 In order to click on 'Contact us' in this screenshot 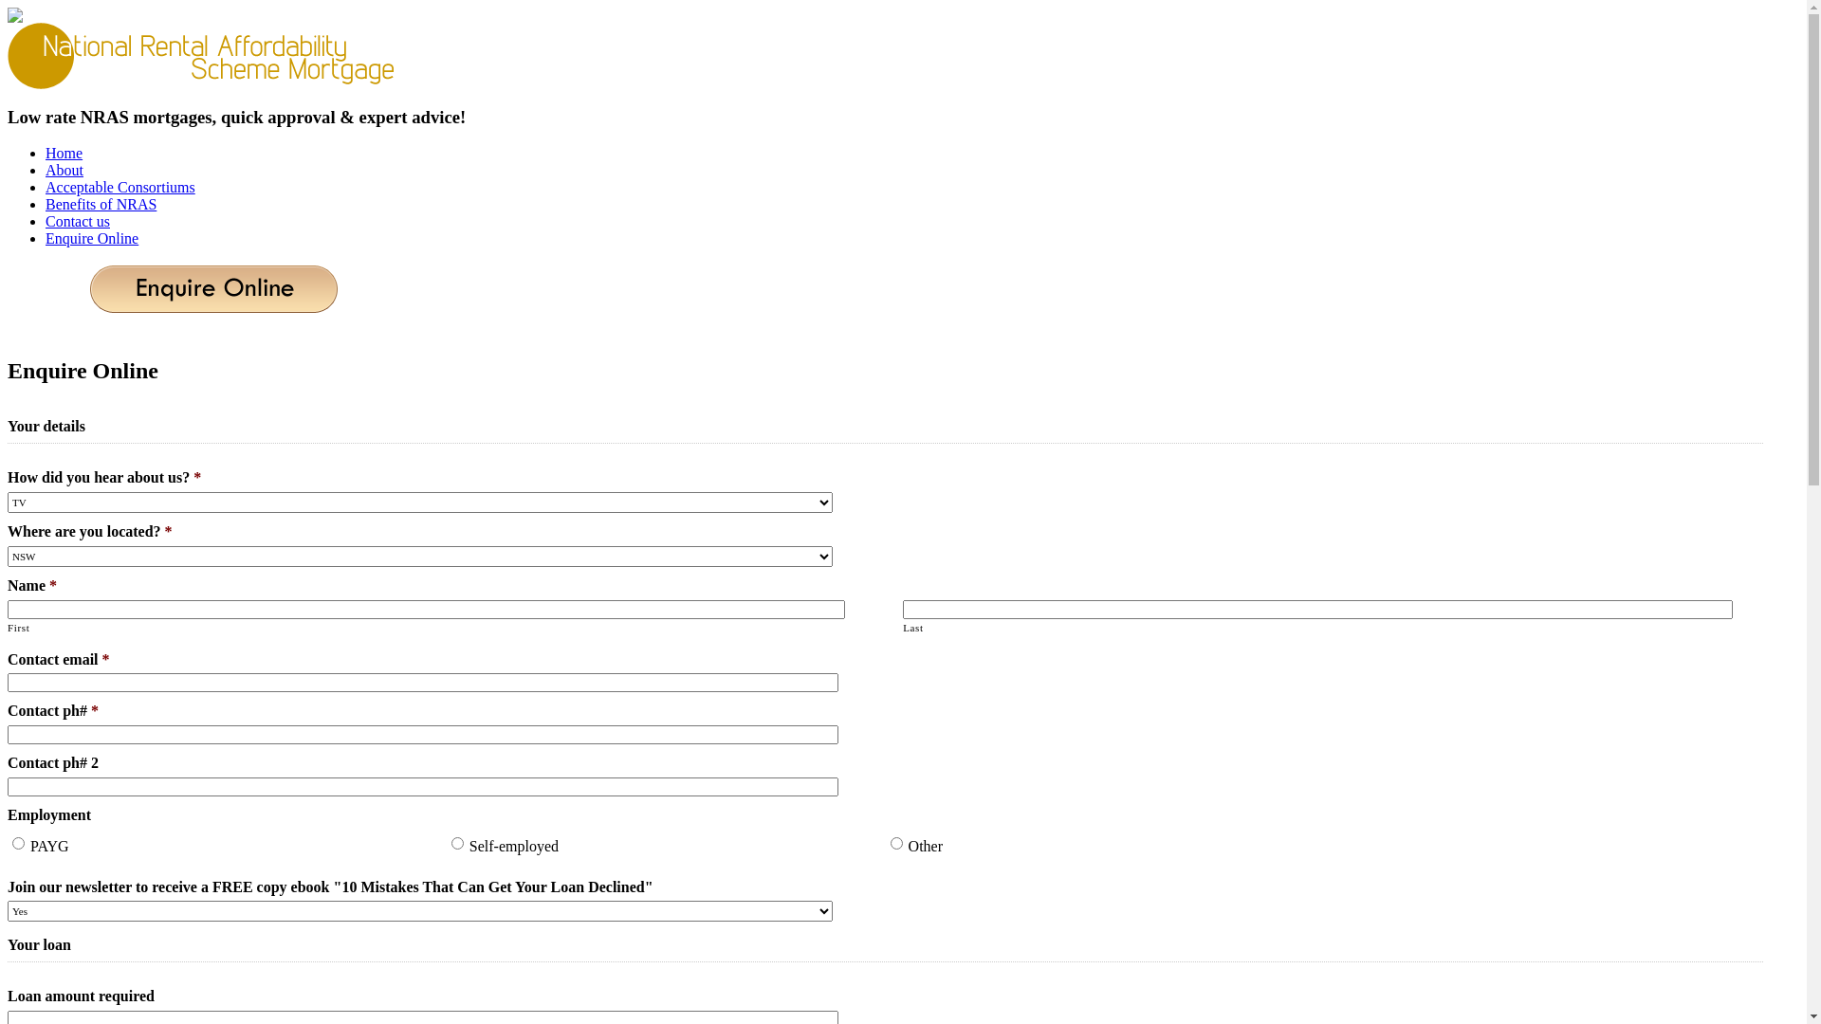, I will do `click(76, 220)`.